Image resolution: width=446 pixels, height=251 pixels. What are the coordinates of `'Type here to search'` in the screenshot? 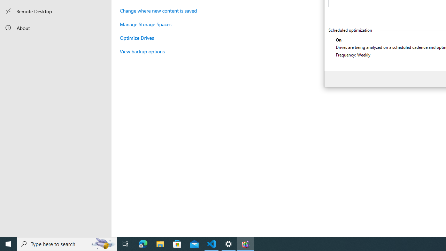 It's located at (67, 243).